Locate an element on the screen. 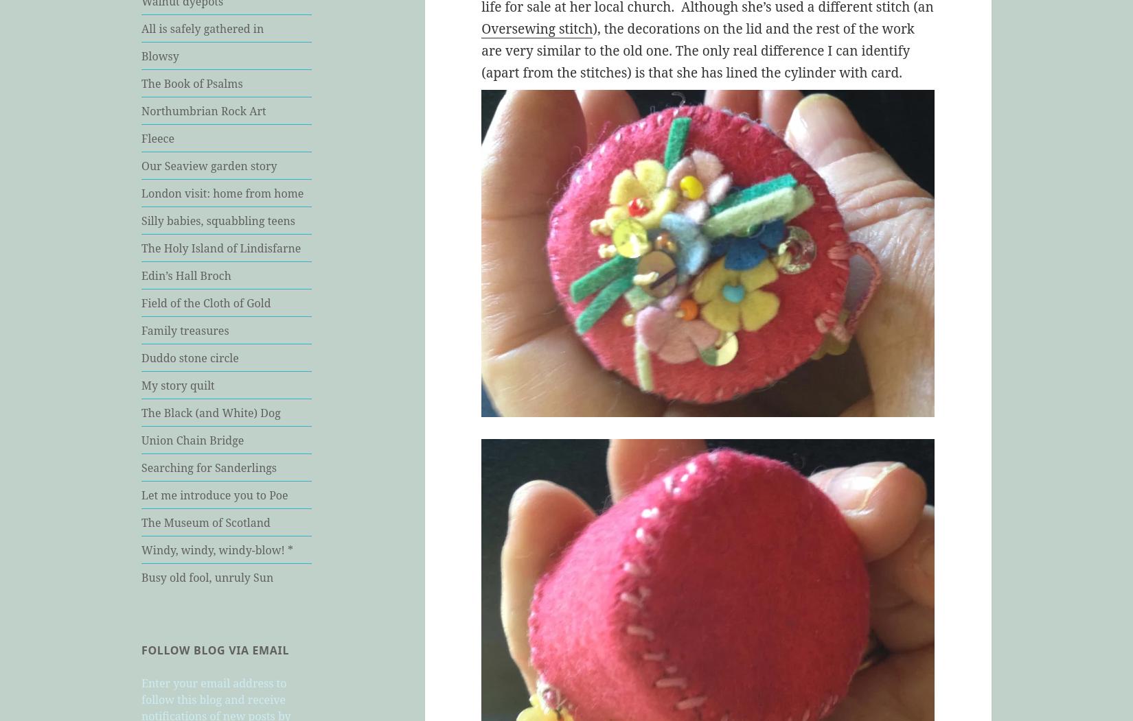 This screenshot has width=1133, height=721. 'Windy, windy, windy-blow! *' is located at coordinates (216, 548).